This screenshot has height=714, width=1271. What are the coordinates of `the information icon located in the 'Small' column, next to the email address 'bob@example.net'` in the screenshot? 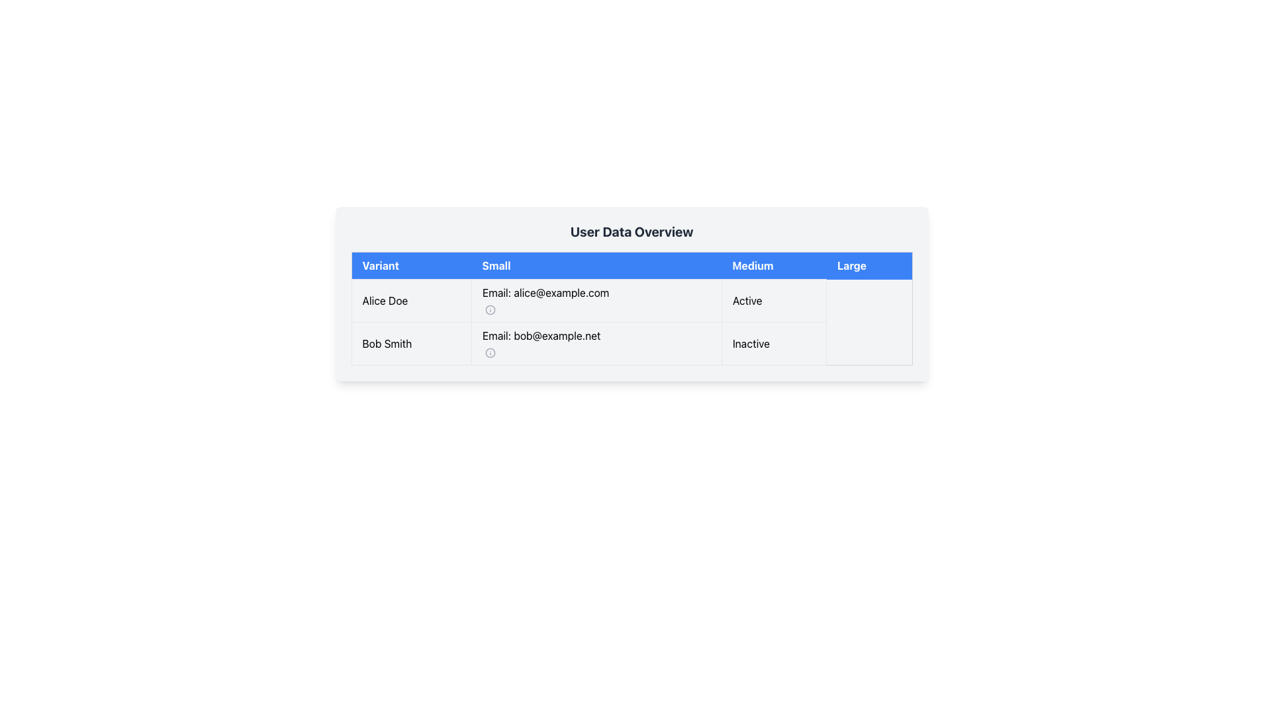 It's located at (489, 351).